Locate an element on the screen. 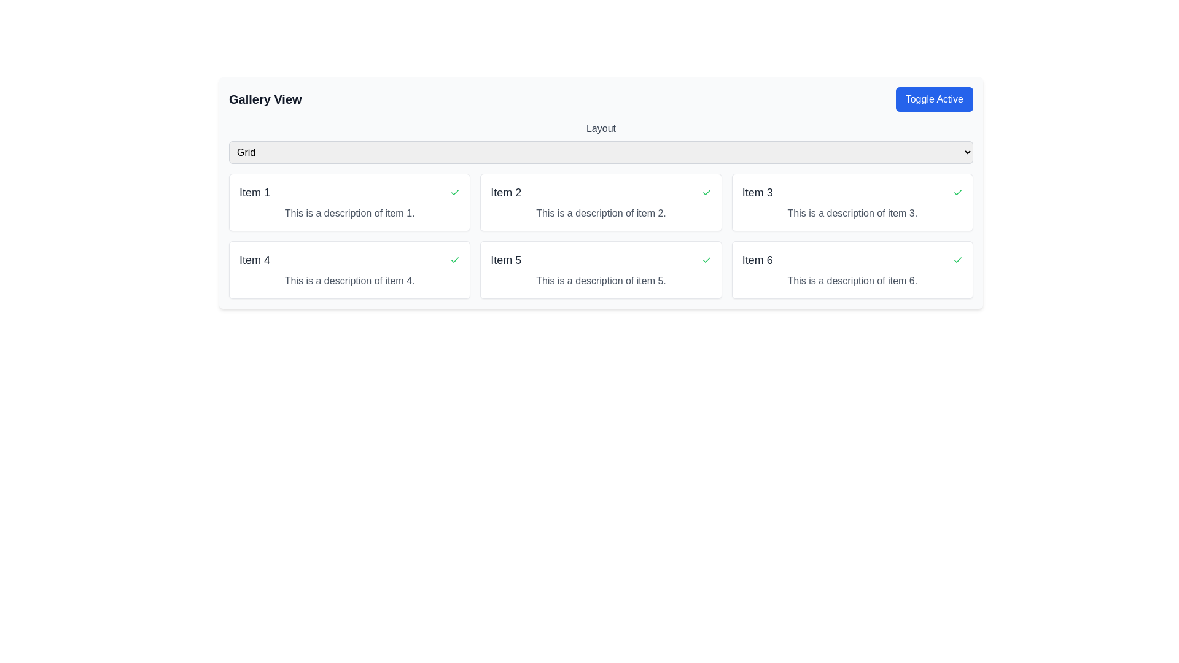  title 'Item 6' and the description 'This is a description of item 6' from the Informational card with a white background and rounded corners located in the third column of the second row is located at coordinates (852, 269).